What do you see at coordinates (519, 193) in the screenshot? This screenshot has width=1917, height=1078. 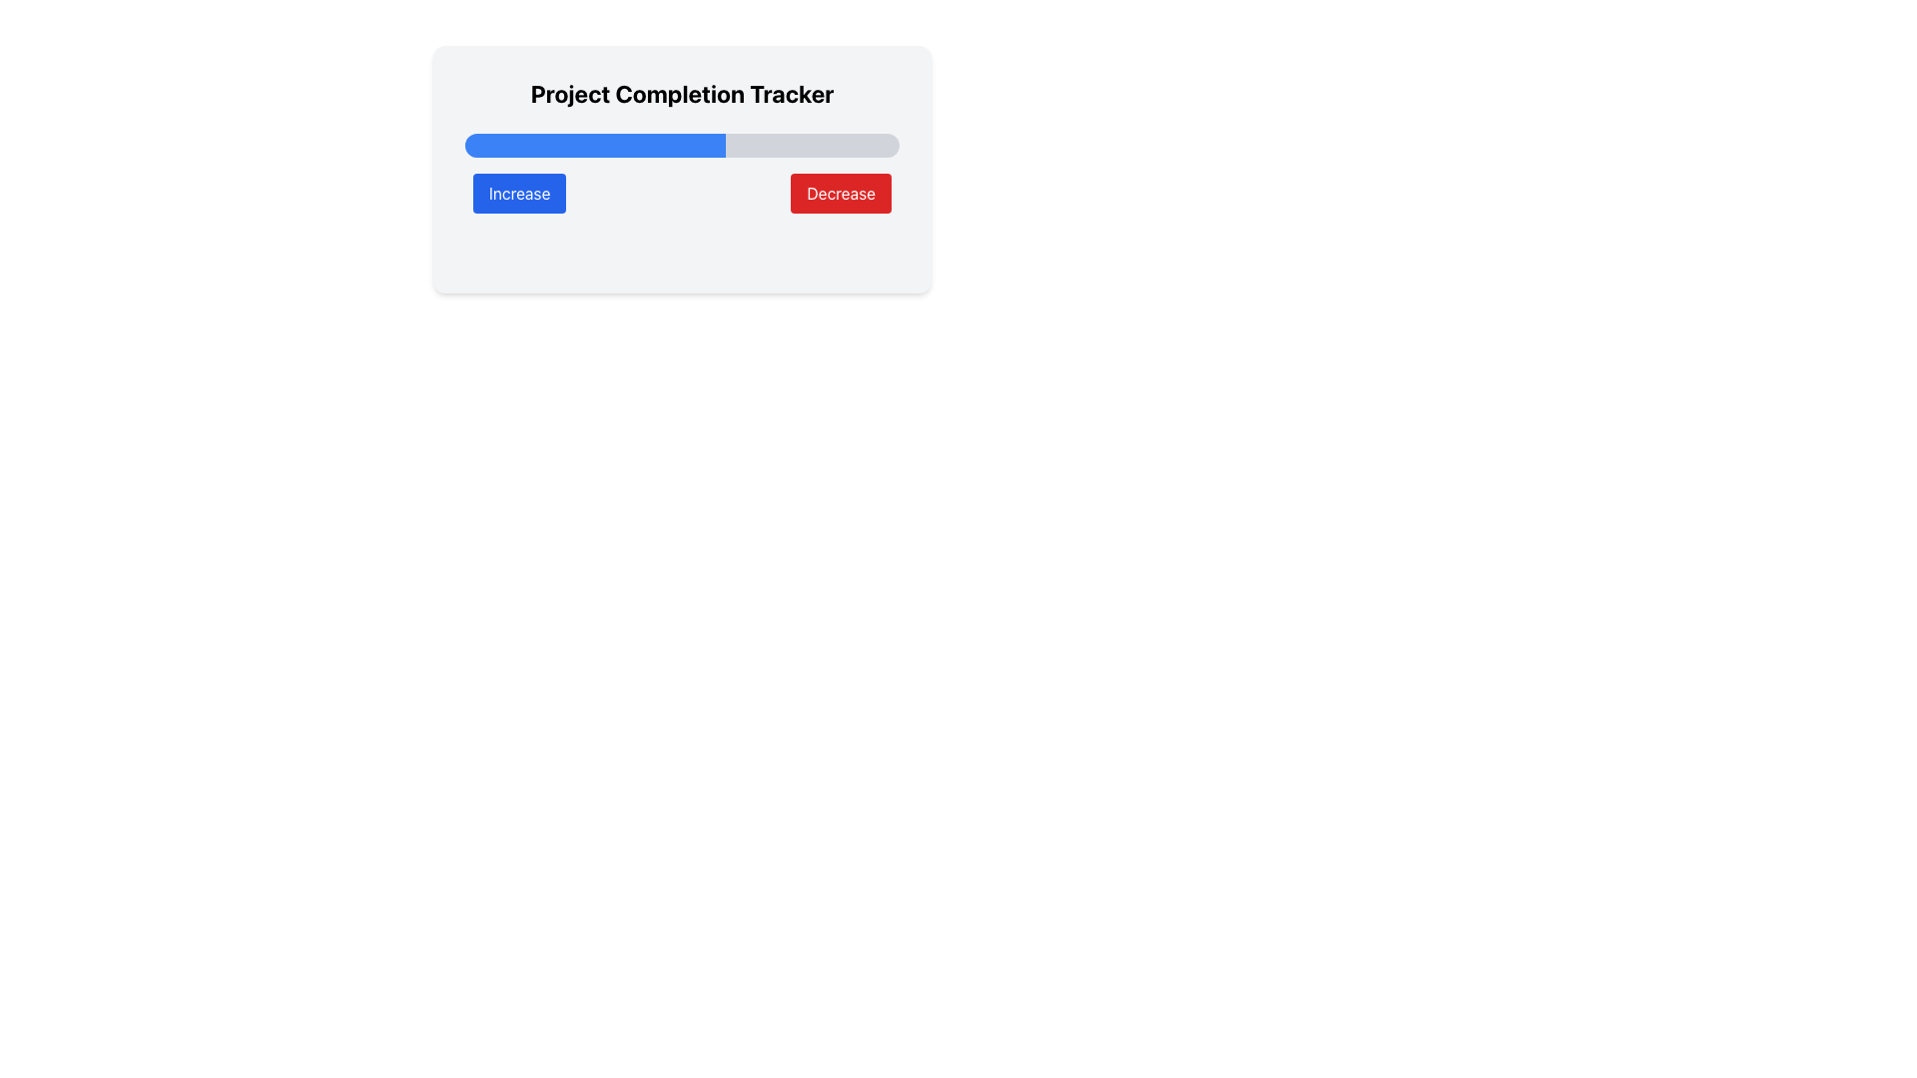 I see `the rectangular button labeled 'Increase' with white text on a blue background to observe its hover effect` at bounding box center [519, 193].